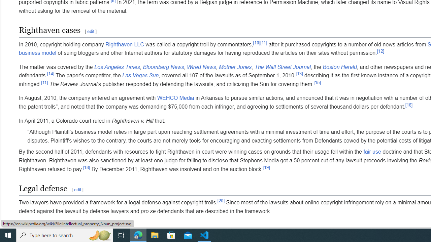  What do you see at coordinates (125, 44) in the screenshot?
I see `'Righthaven LLC'` at bounding box center [125, 44].